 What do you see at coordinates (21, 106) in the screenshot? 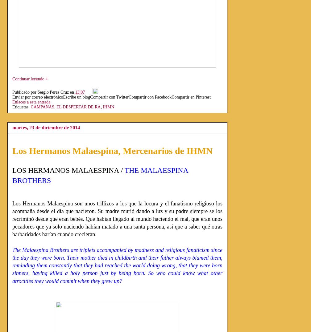
I see `'Etiquetas:'` at bounding box center [21, 106].